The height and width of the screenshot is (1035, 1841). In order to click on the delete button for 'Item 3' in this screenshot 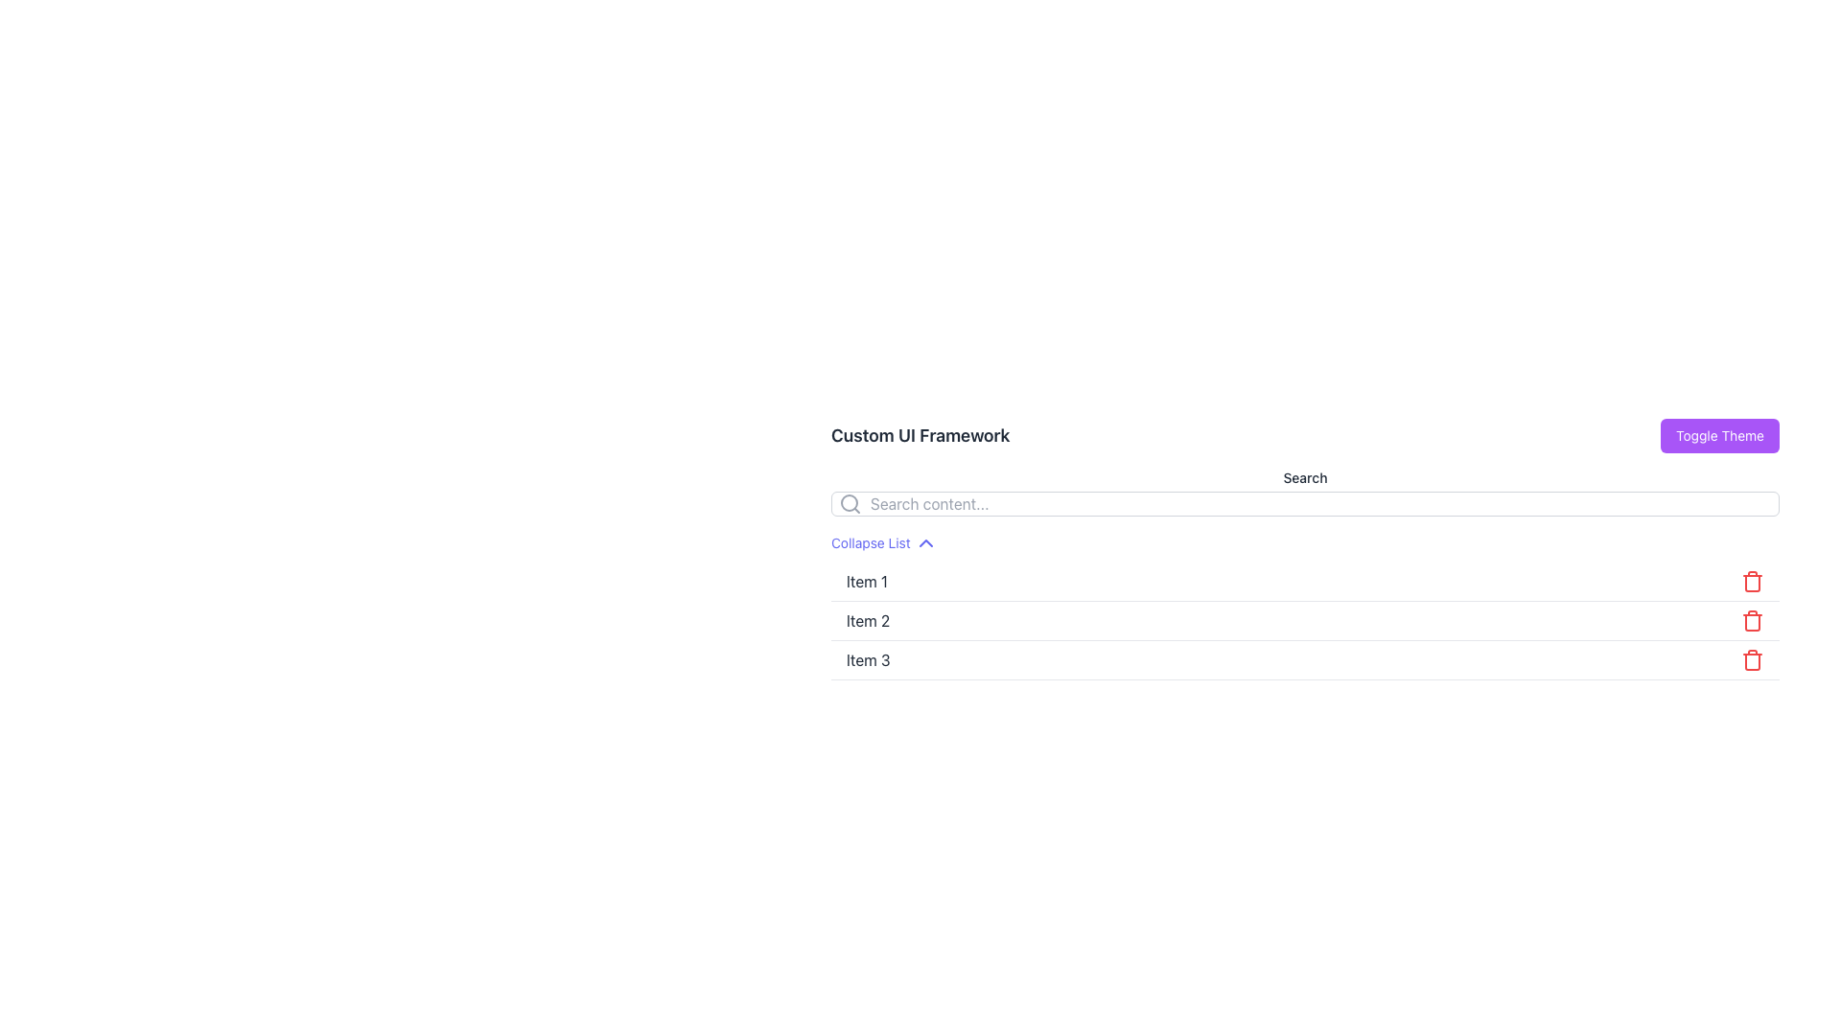, I will do `click(1753, 659)`.